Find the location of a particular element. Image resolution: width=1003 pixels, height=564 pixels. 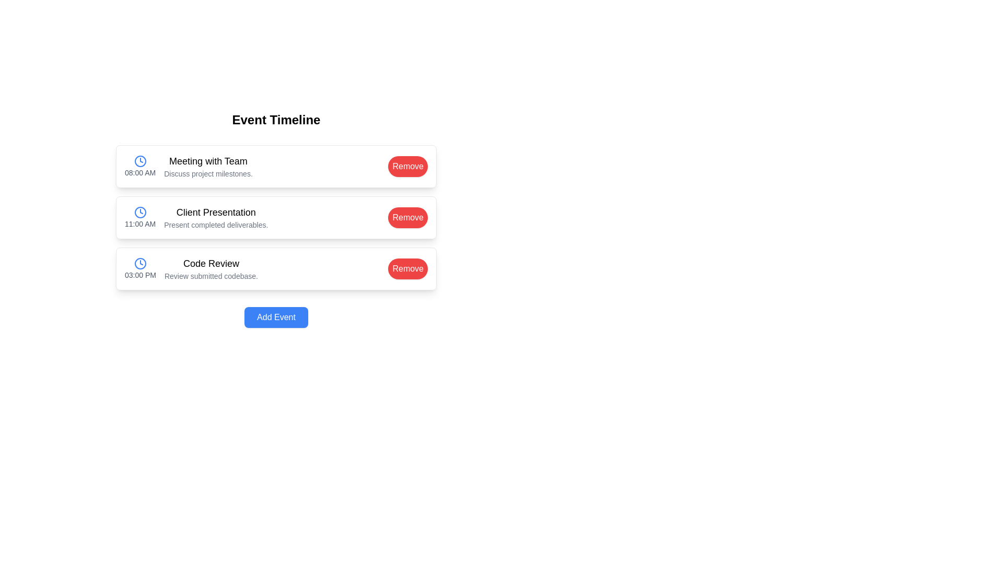

the Time display for the 'Client Presentation' event, which is the leftmost item in the second row of the event list, positioned to the left of the event title and description is located at coordinates (139, 217).